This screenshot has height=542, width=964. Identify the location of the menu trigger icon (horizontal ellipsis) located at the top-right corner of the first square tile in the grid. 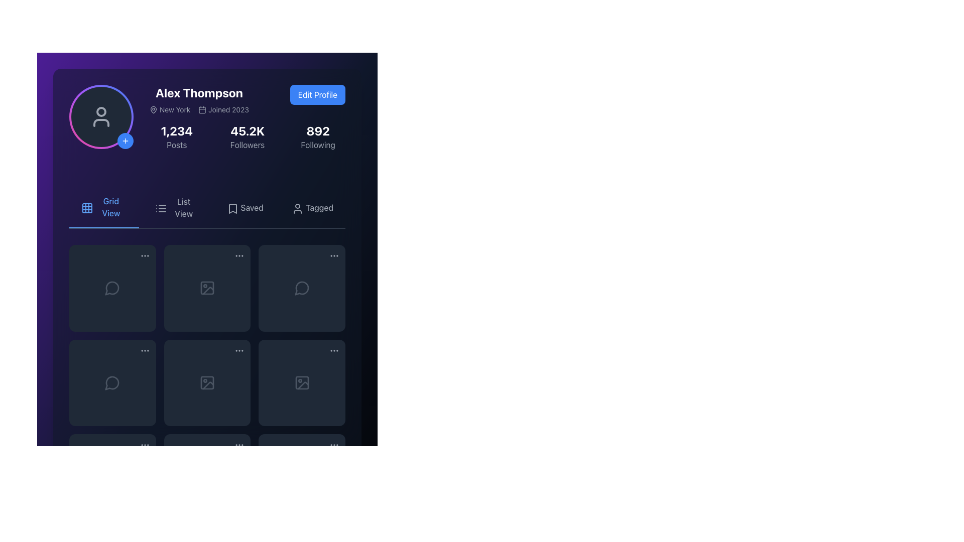
(144, 255).